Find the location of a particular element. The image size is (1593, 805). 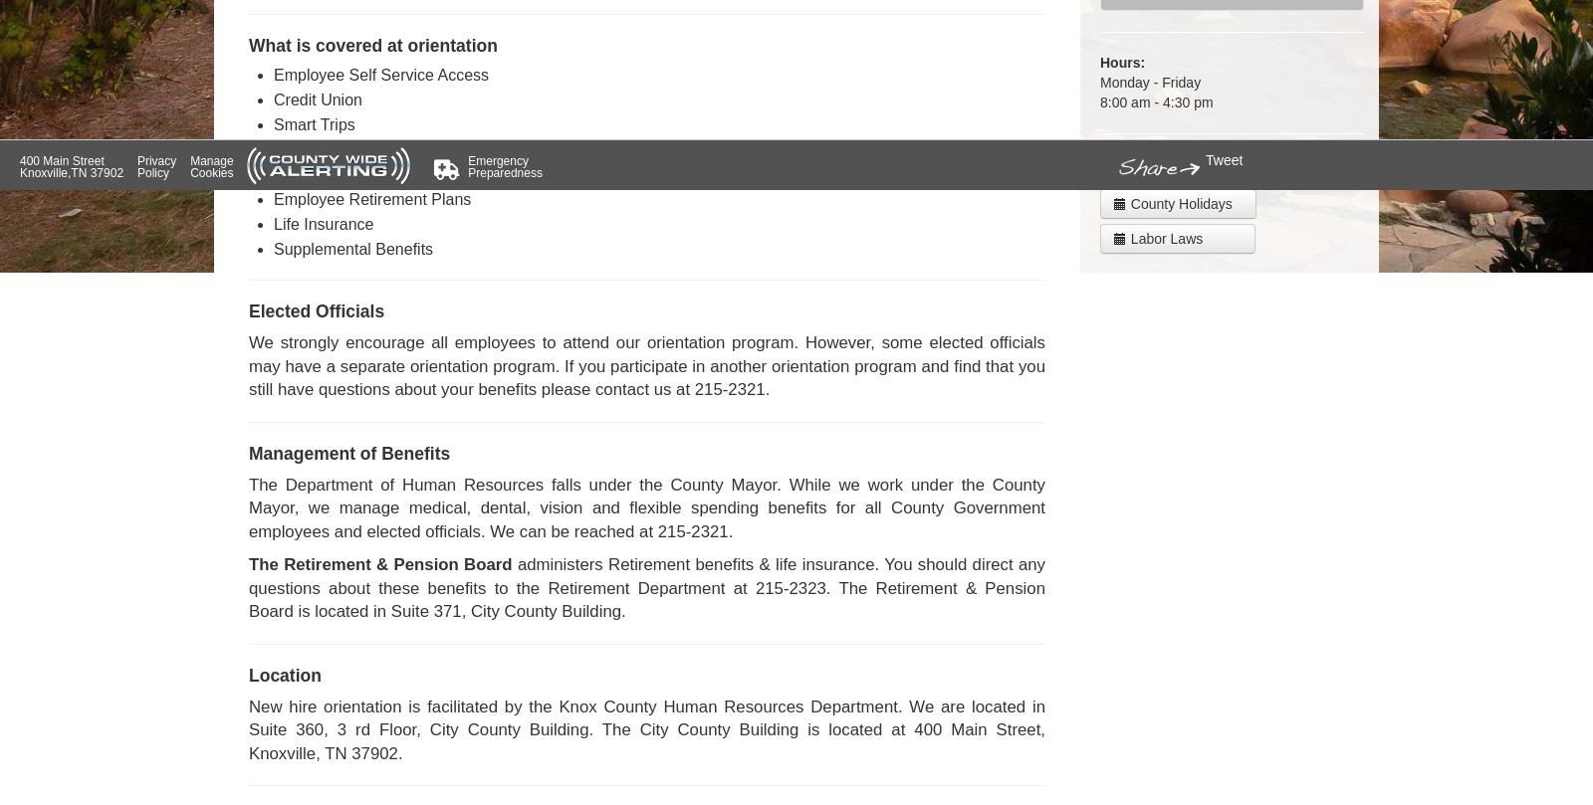

'Management of Benefits' is located at coordinates (349, 451).